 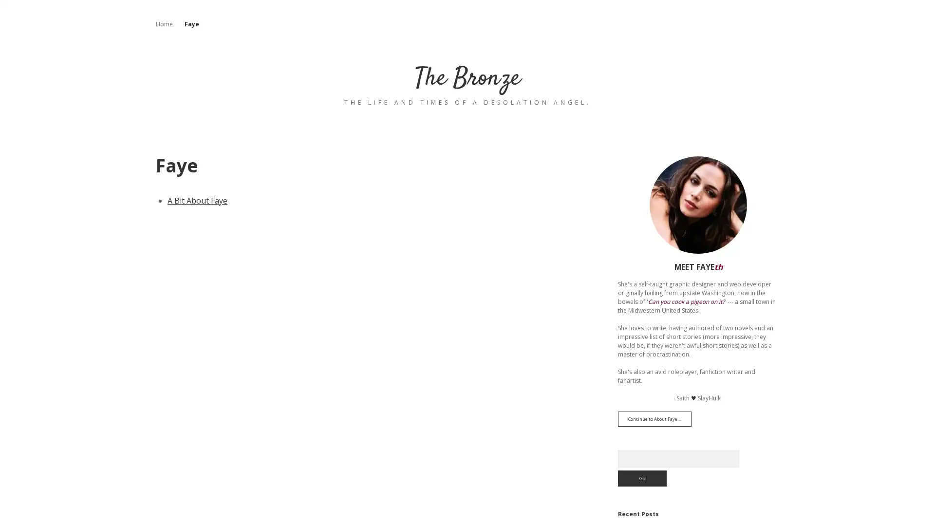 What do you see at coordinates (642, 478) in the screenshot?
I see `Go` at bounding box center [642, 478].